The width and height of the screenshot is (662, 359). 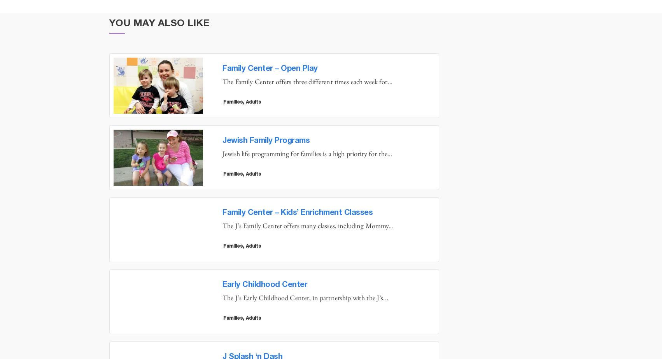 I want to click on 'The J’s Early Childhood Center, in partnership with the J’s...', so click(x=305, y=297).